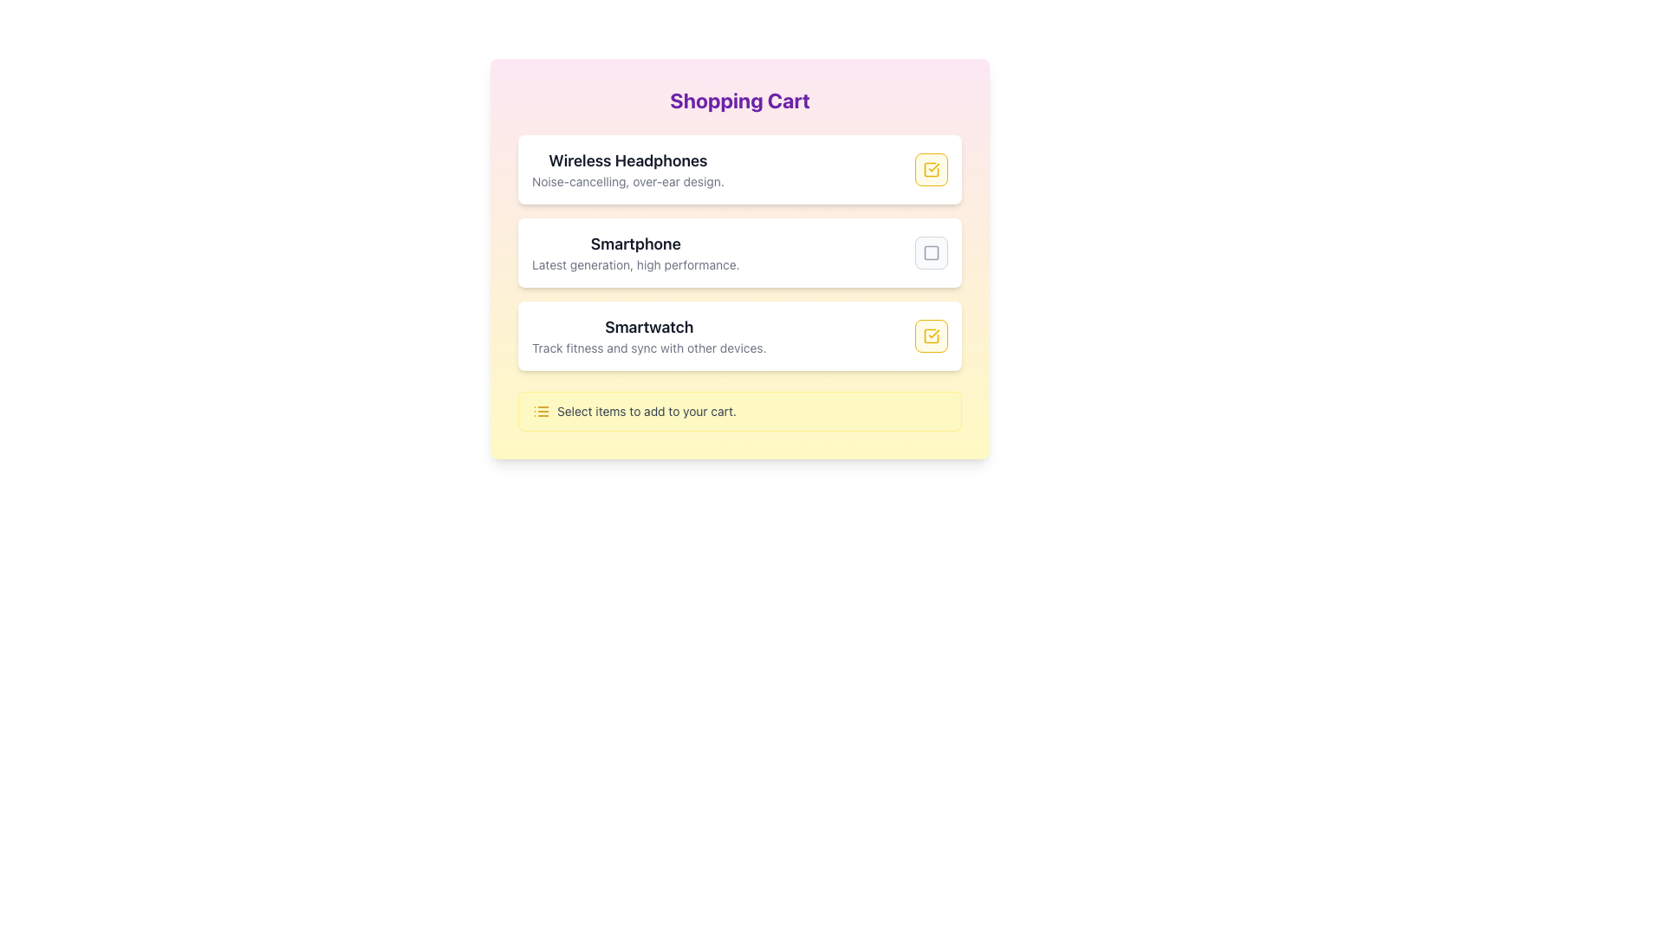  What do you see at coordinates (740, 259) in the screenshot?
I see `the shopping cart display section, which showcases multiple items and provides user interaction options` at bounding box center [740, 259].